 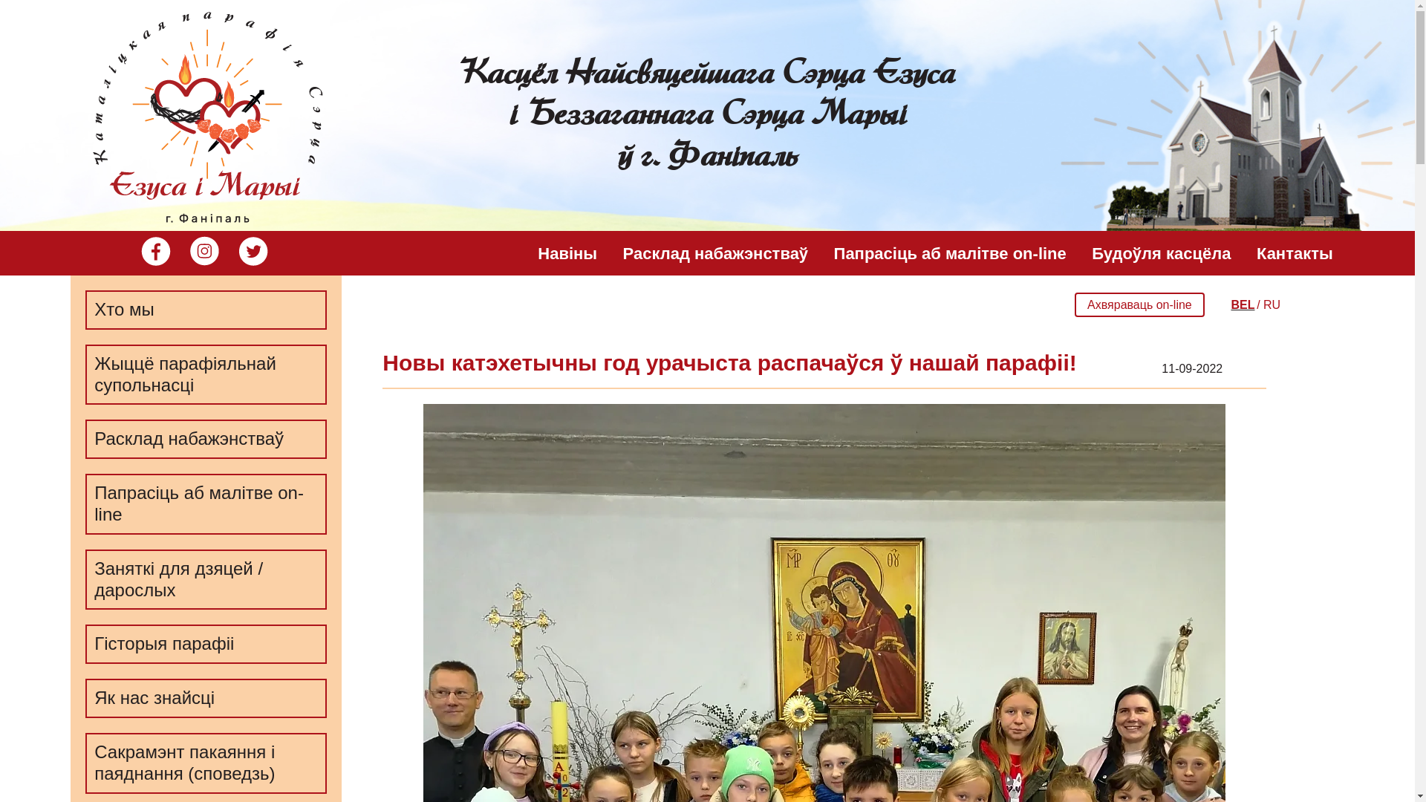 I want to click on 'BEL', so click(x=1243, y=304).